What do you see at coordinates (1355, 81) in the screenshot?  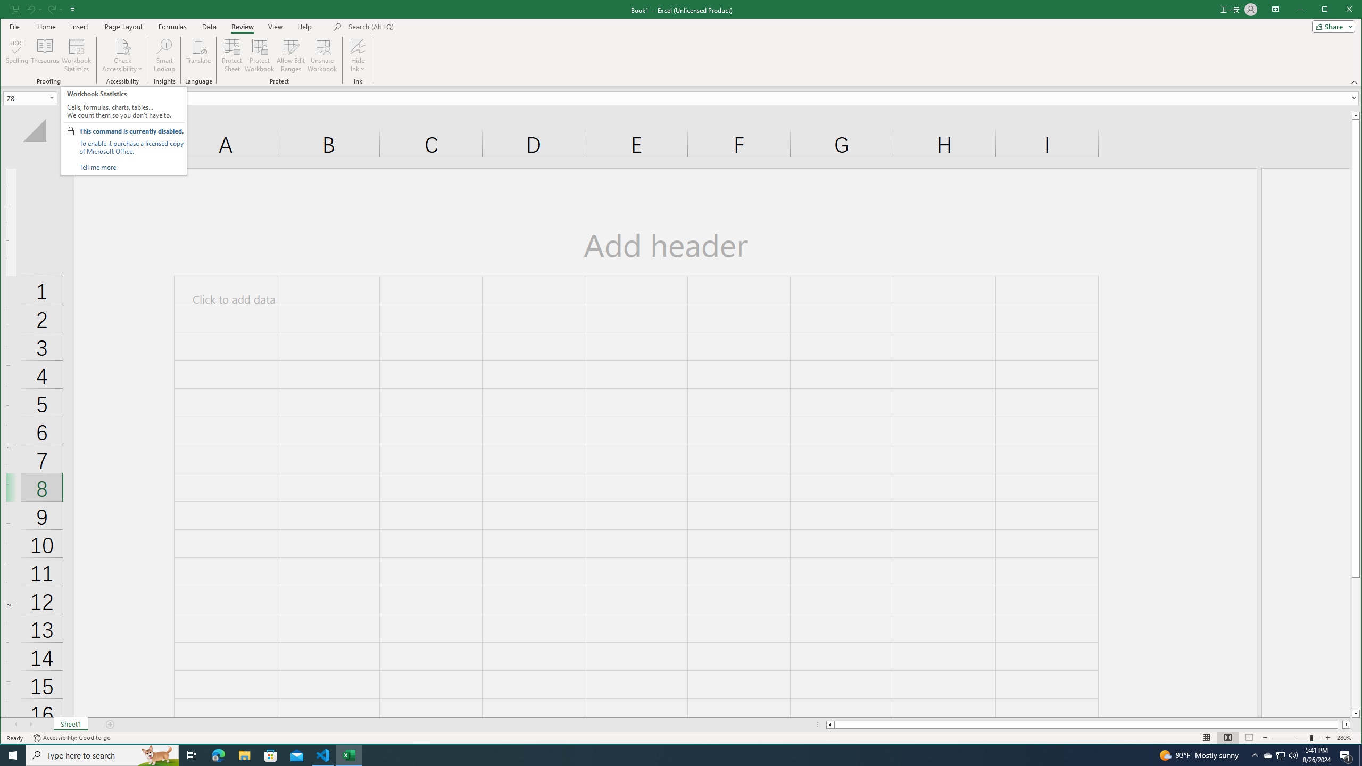 I see `'Collapse the Ribbon'` at bounding box center [1355, 81].